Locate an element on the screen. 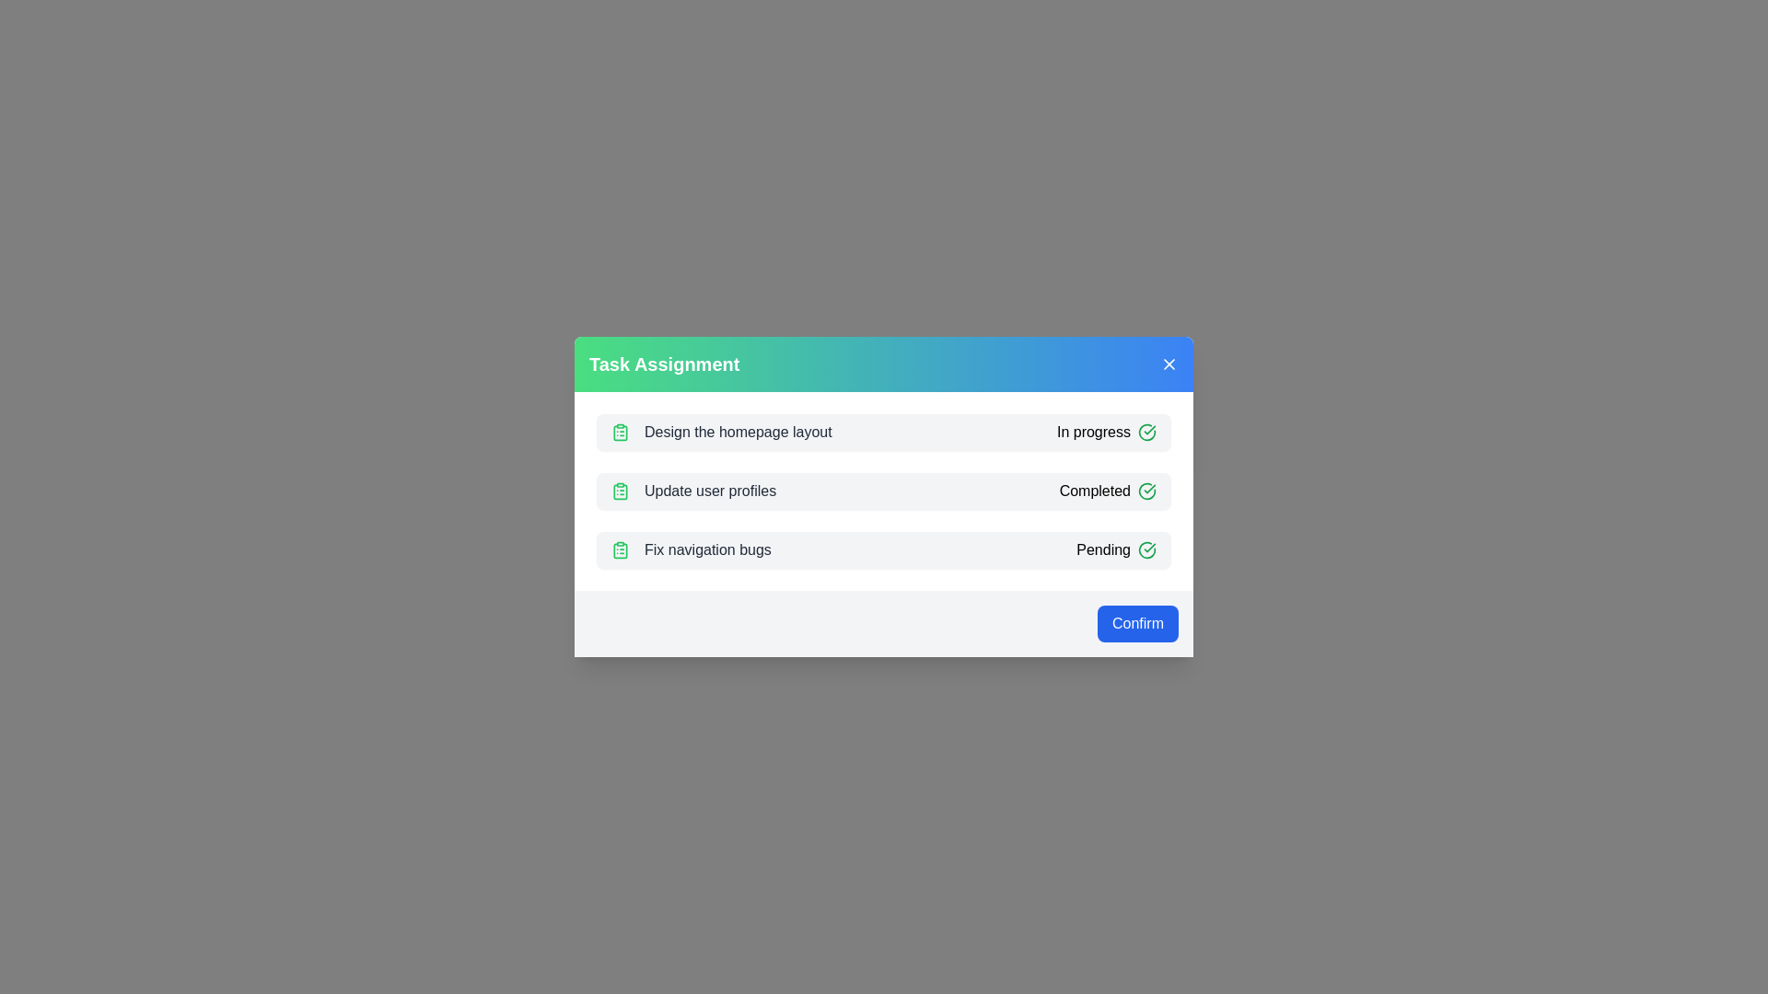 This screenshot has width=1768, height=994. the small interactive circle button with an 'X' icon inside, located at the top-right corner of the 'Task Assignment' panel is located at coordinates (1169, 364).